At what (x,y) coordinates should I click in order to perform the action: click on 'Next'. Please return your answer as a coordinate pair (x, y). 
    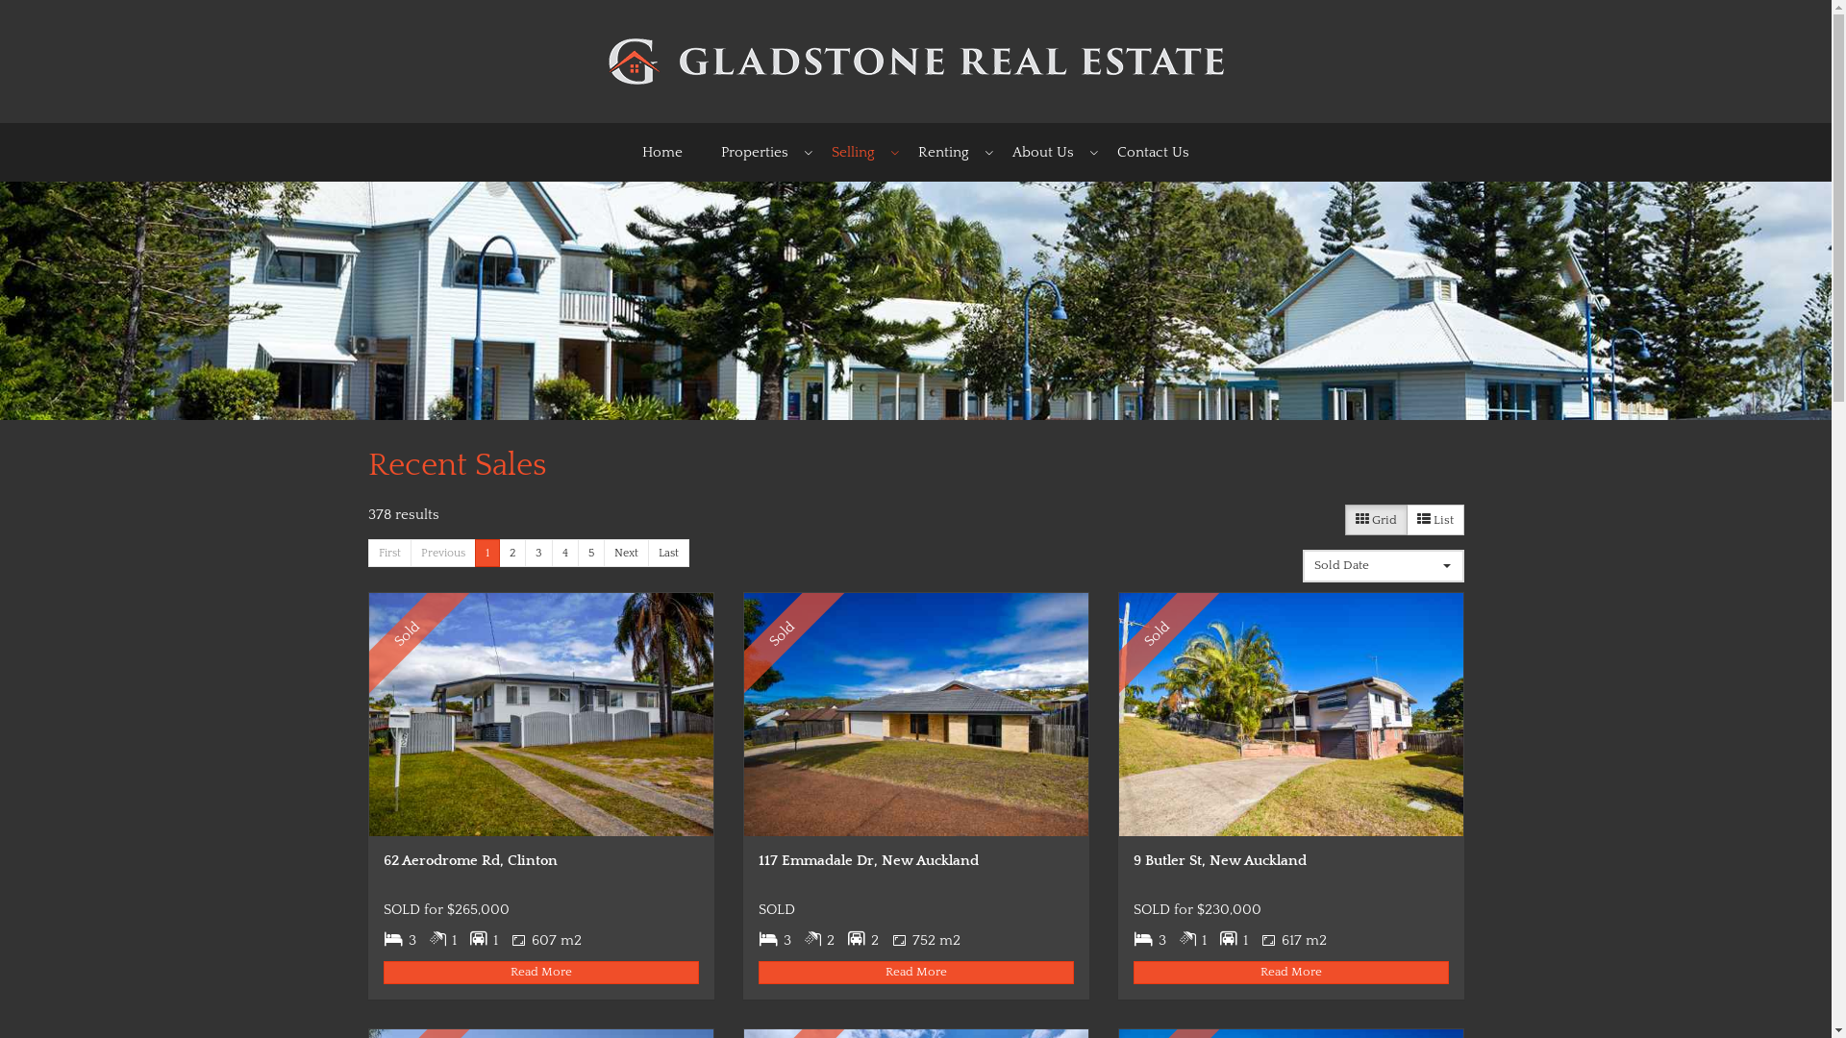
    Looking at the image, I should click on (603, 553).